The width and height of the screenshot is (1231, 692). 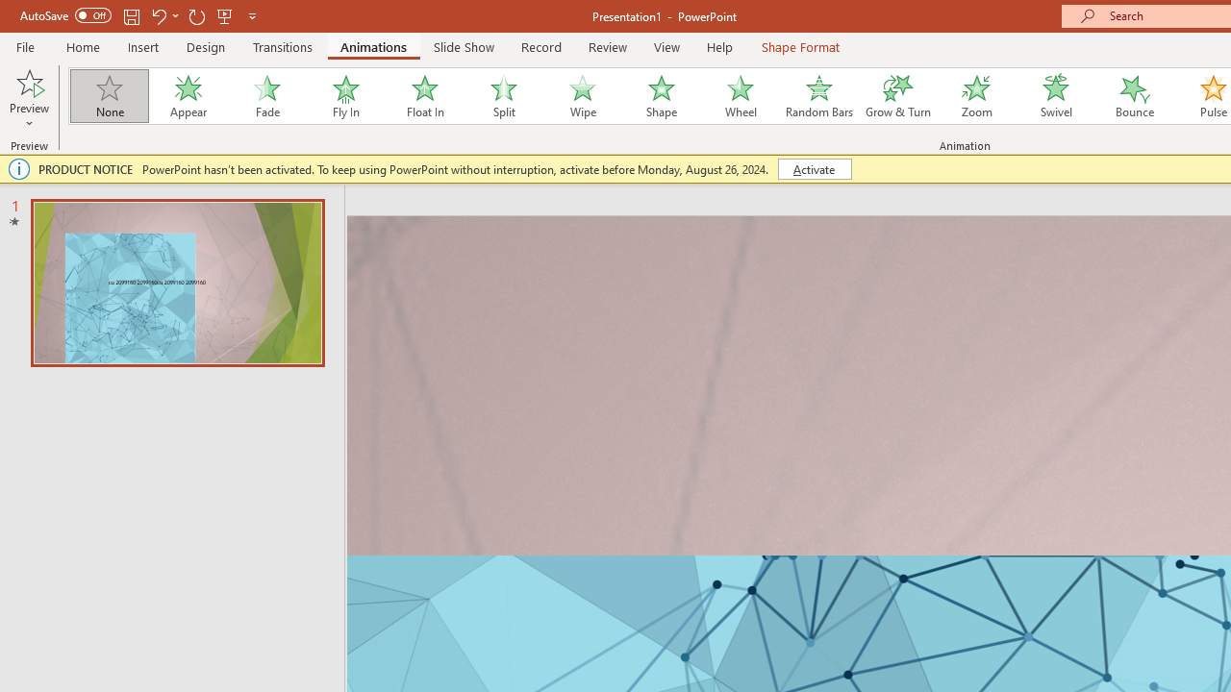 I want to click on 'Wipe', so click(x=581, y=96).